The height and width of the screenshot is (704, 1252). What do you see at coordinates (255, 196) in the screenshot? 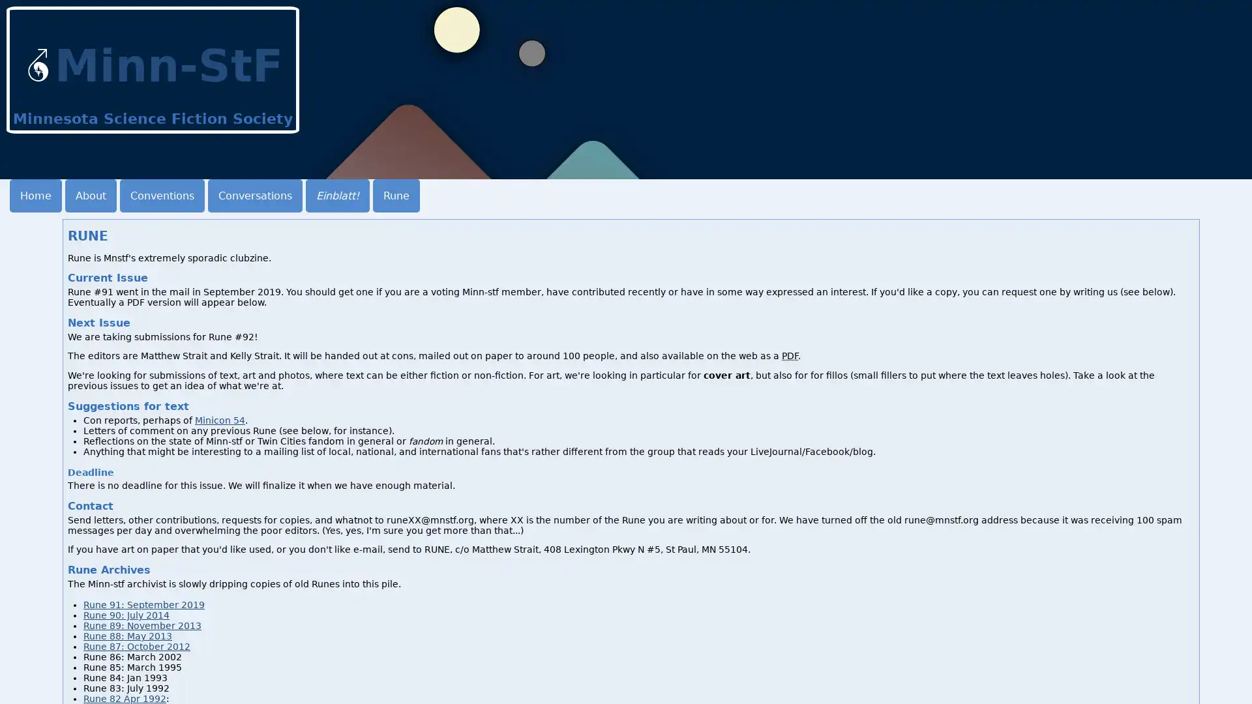
I see `Conversations` at bounding box center [255, 196].